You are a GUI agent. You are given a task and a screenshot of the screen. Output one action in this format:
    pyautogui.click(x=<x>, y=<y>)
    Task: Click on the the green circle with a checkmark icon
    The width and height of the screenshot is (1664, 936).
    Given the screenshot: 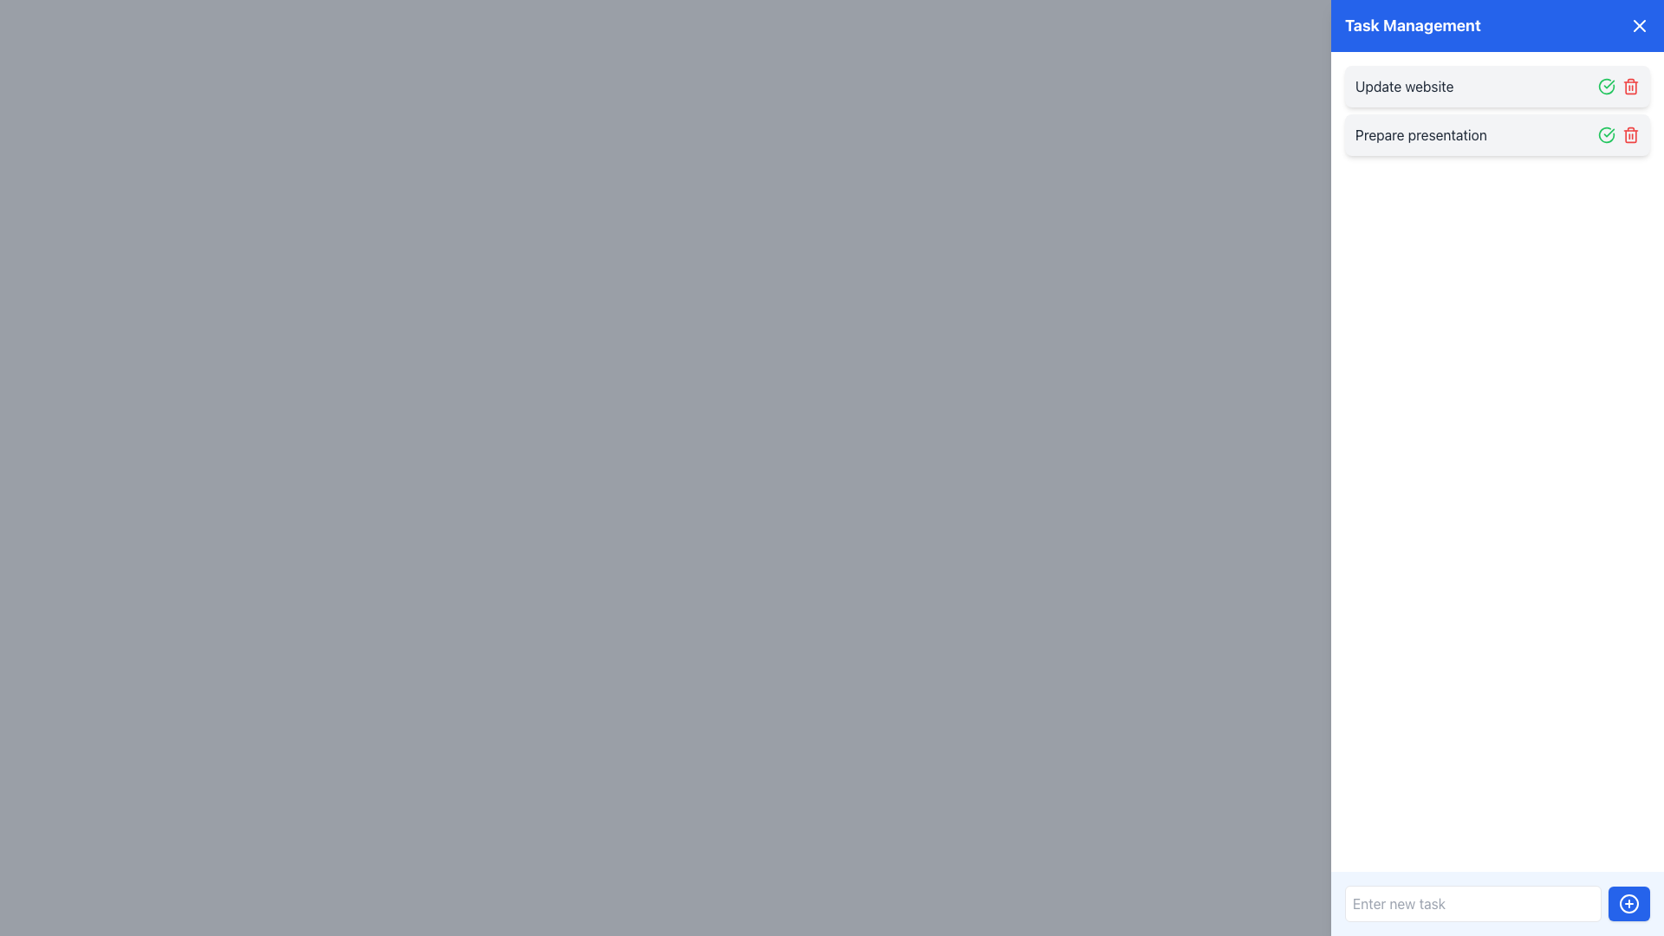 What is the action you would take?
    pyautogui.click(x=1605, y=87)
    